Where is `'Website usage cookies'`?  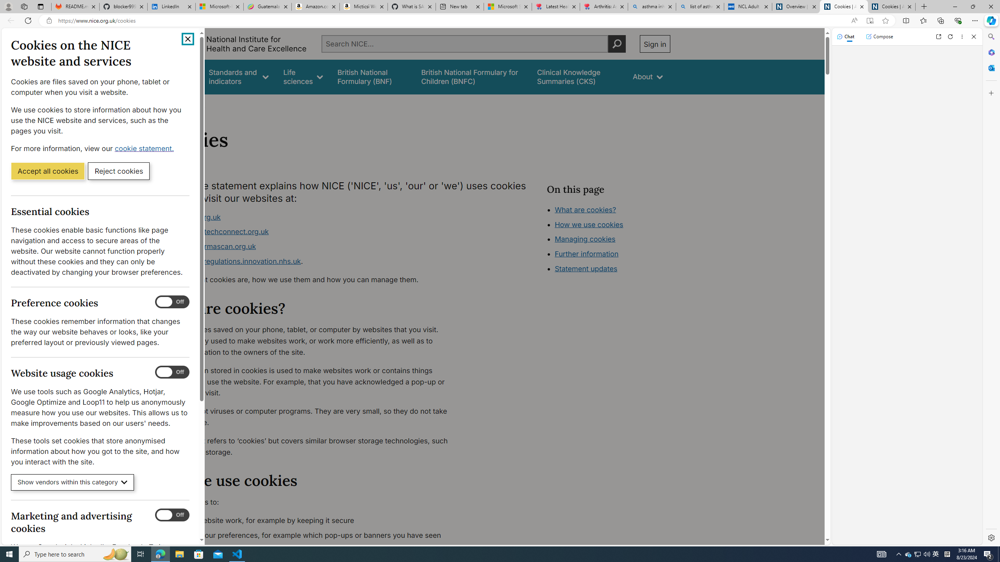 'Website usage cookies' is located at coordinates (172, 372).